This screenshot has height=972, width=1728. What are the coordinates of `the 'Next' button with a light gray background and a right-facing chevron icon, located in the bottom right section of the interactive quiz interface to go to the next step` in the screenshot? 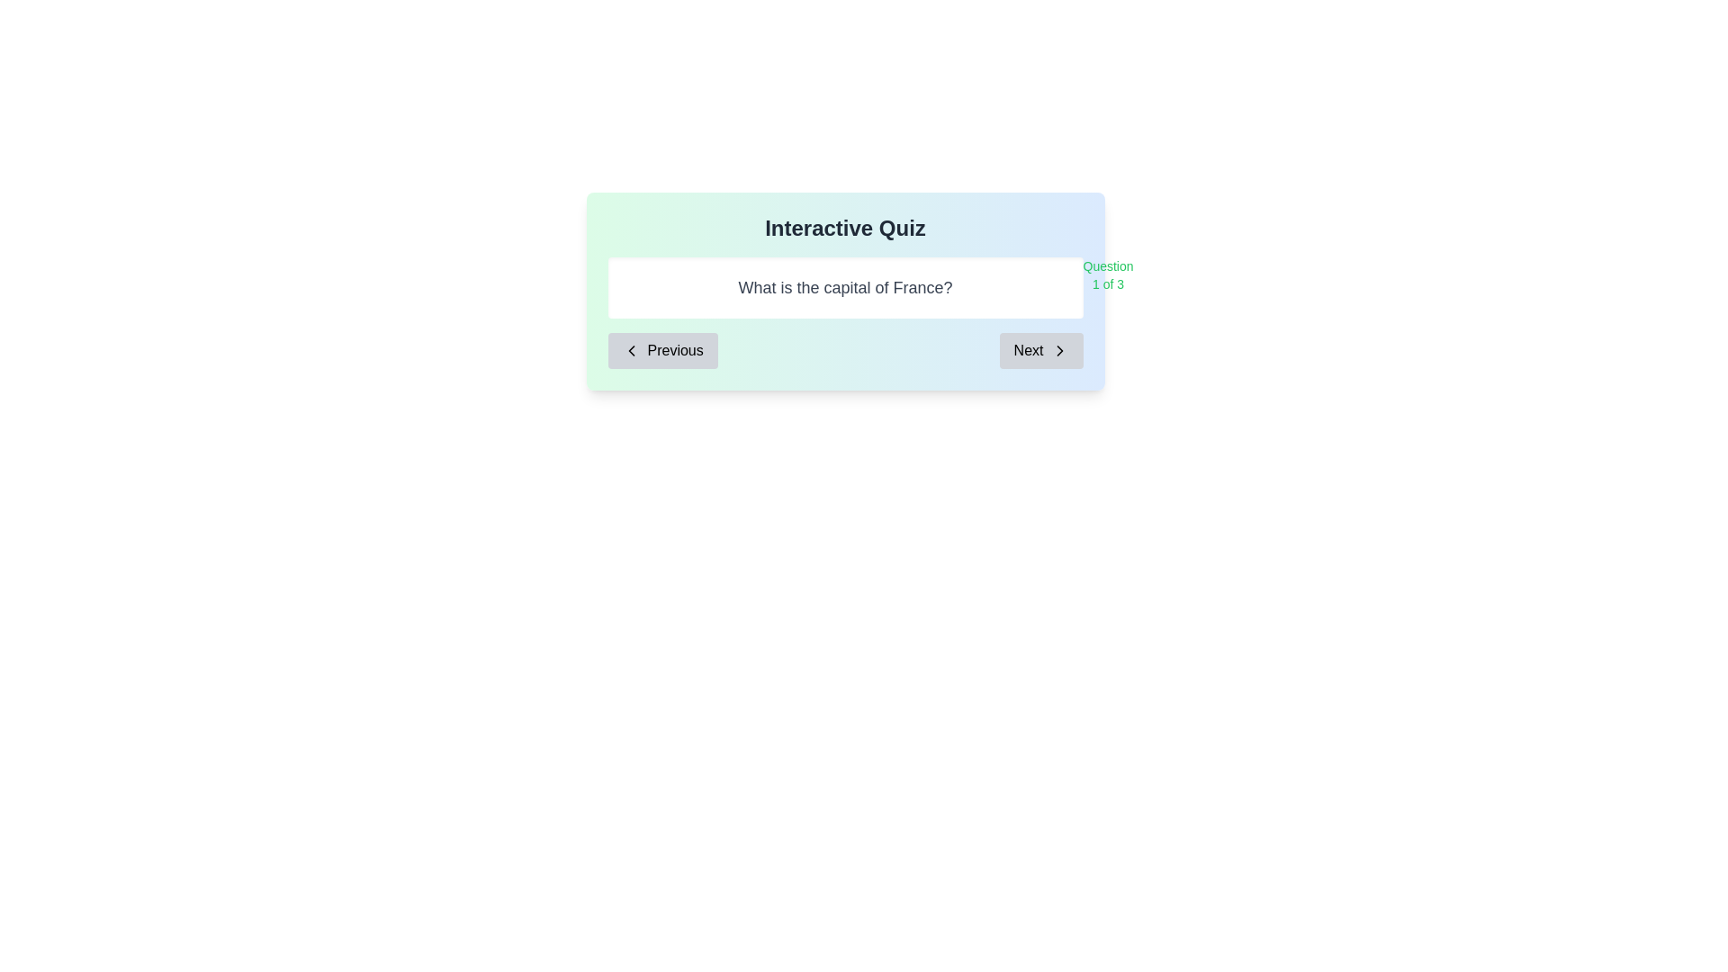 It's located at (1040, 350).